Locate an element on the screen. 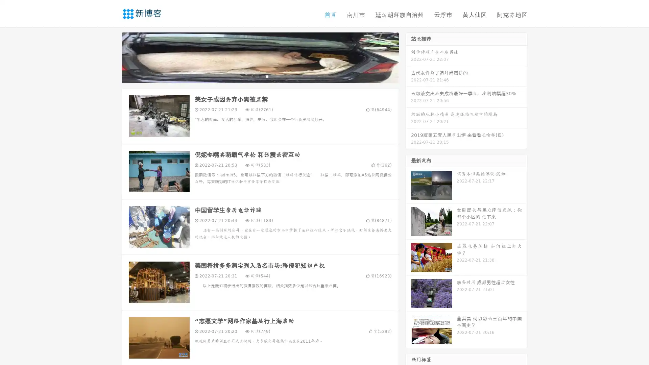 Image resolution: width=649 pixels, height=365 pixels. Go to slide 1 is located at coordinates (253, 76).